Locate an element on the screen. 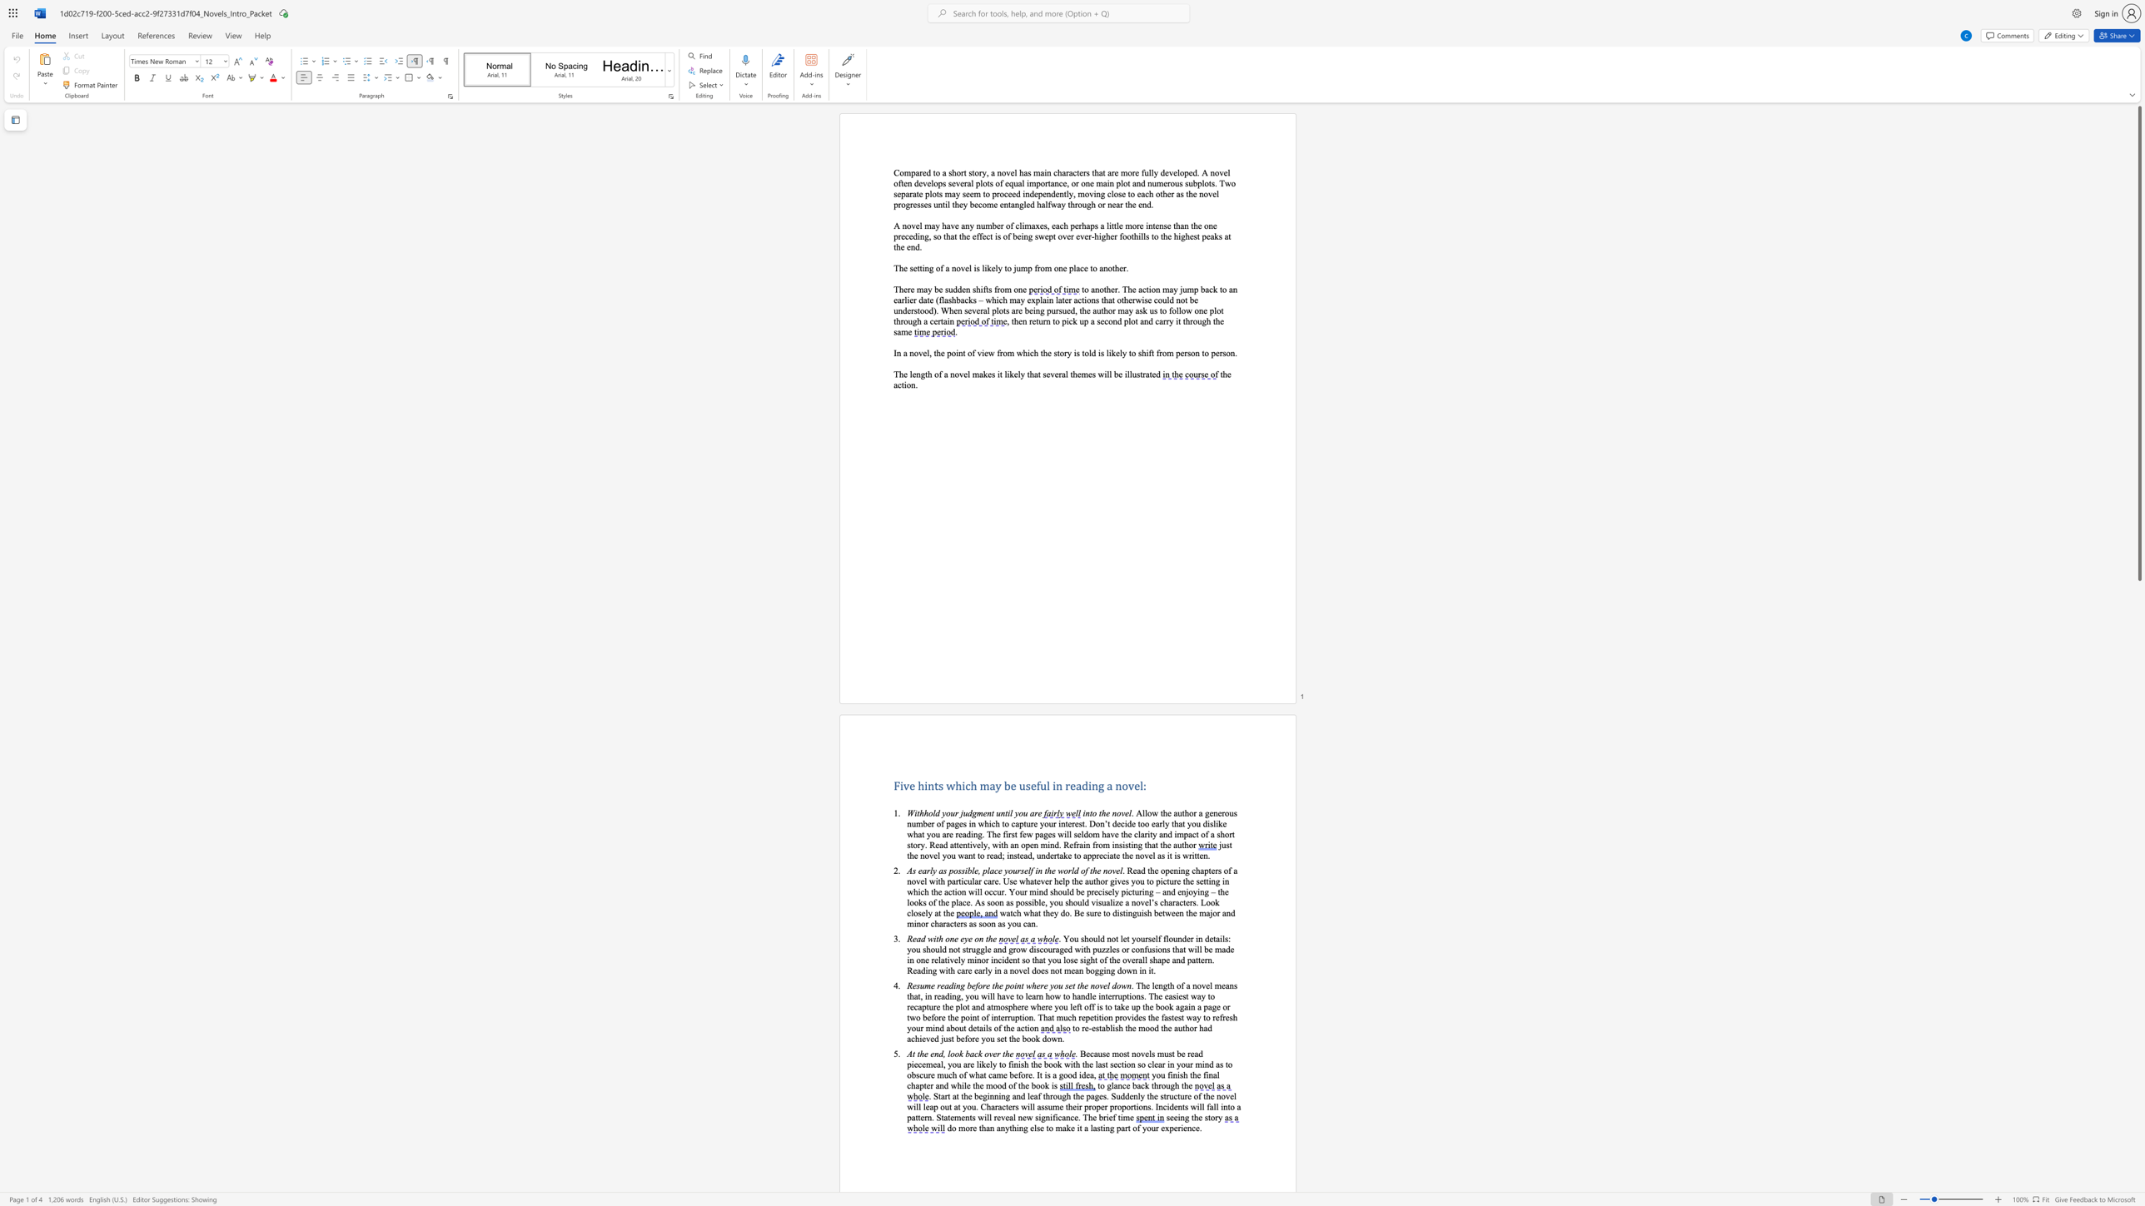  the subset text "sh" within the text "you finish the" is located at coordinates (1179, 1074).